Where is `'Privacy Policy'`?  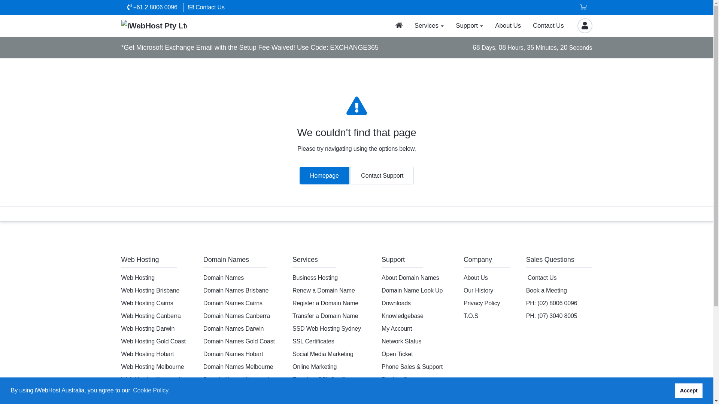 'Privacy Policy' is located at coordinates (482, 303).